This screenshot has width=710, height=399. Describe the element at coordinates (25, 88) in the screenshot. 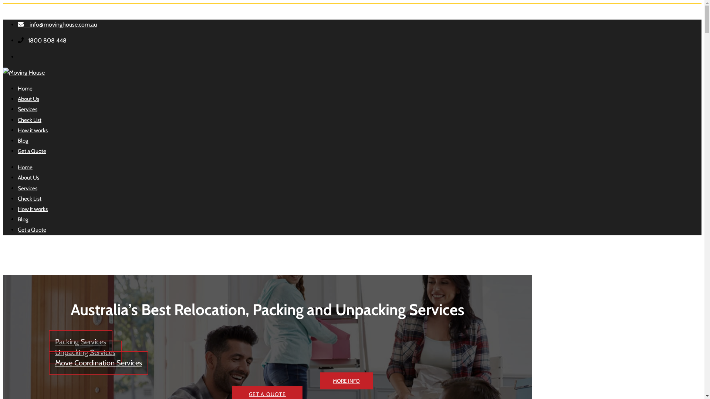

I see `'Home'` at that location.